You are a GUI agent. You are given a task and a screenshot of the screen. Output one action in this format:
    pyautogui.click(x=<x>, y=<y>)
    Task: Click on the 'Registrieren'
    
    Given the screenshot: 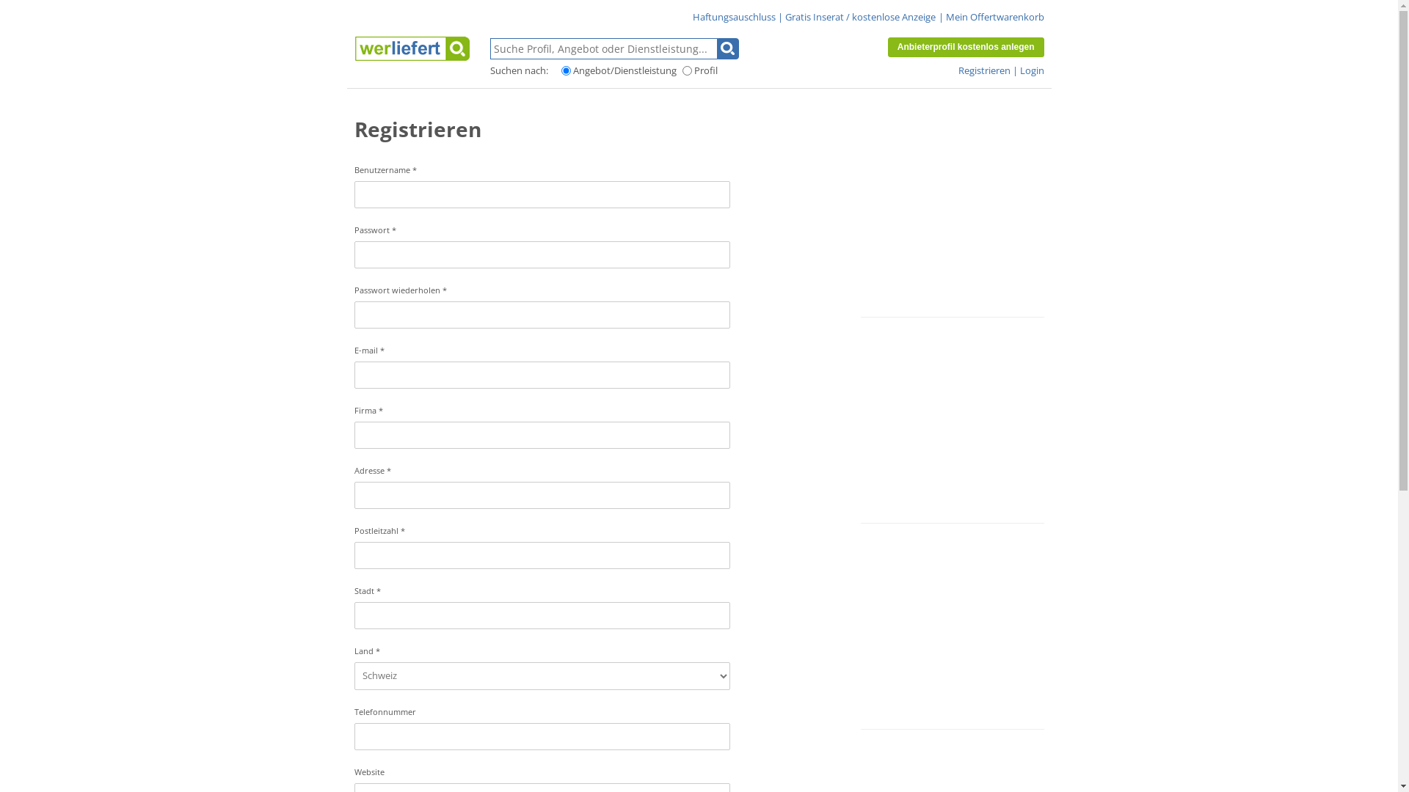 What is the action you would take?
    pyautogui.click(x=984, y=70)
    